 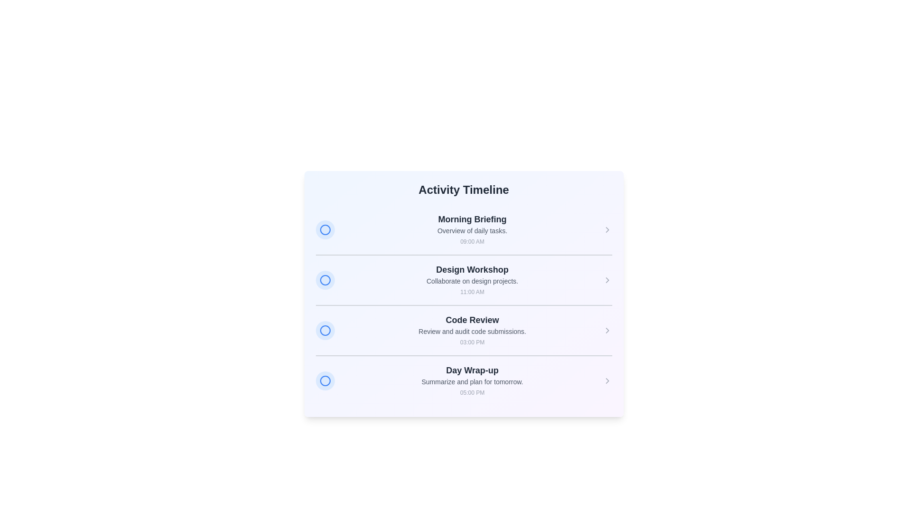 What do you see at coordinates (607, 330) in the screenshot?
I see `the right chevron icon located at the right edge of the 'Code Review' entry in the list to indicate navigation or progression` at bounding box center [607, 330].